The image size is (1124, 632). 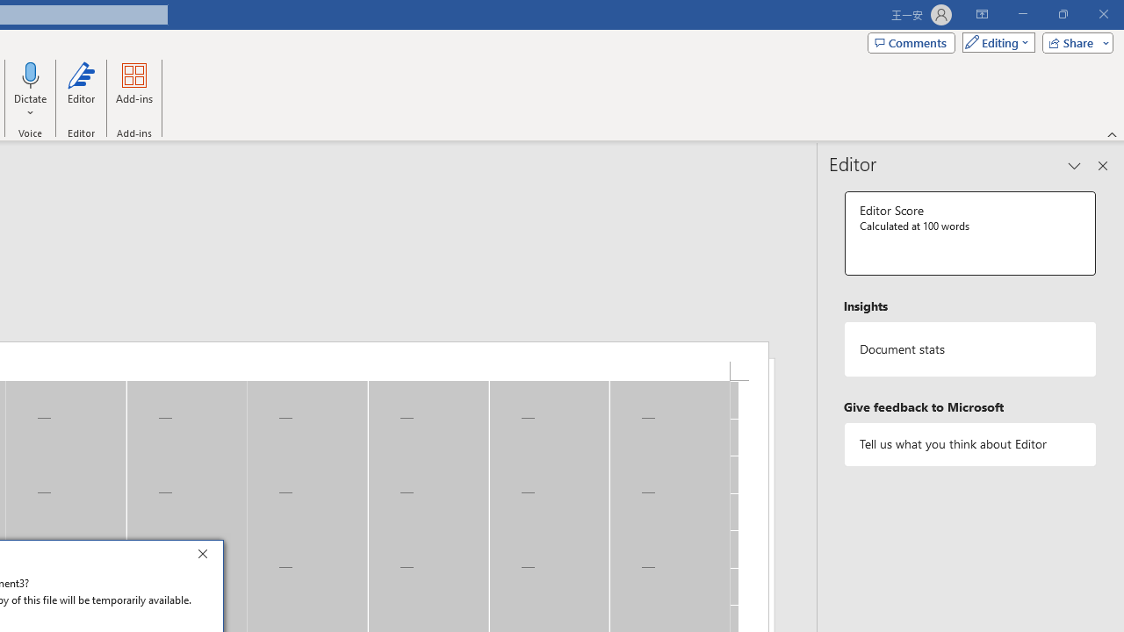 What do you see at coordinates (969, 443) in the screenshot?
I see `'Tell us what you think about Editor'` at bounding box center [969, 443].